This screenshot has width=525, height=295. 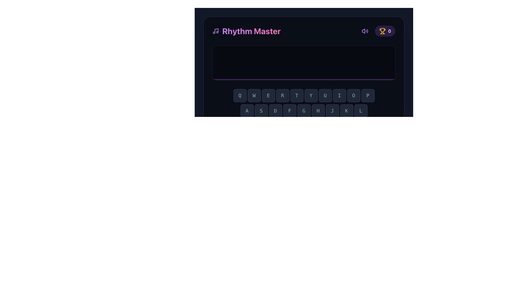 I want to click on the purple music note icon located to the left of the text 'Rhythm Master', so click(x=215, y=31).